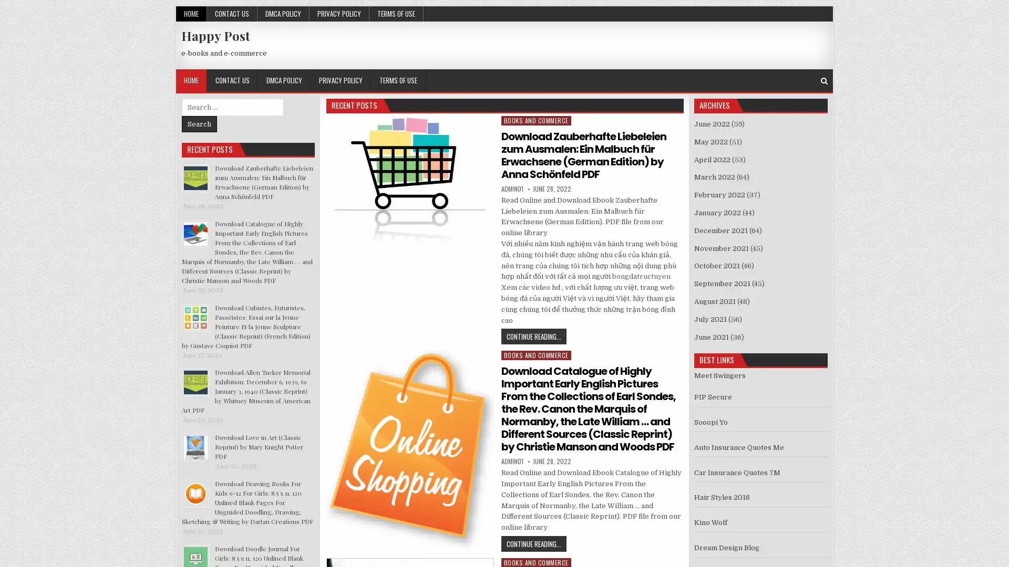 Image resolution: width=1009 pixels, height=567 pixels. What do you see at coordinates (199, 123) in the screenshot?
I see `Search` at bounding box center [199, 123].